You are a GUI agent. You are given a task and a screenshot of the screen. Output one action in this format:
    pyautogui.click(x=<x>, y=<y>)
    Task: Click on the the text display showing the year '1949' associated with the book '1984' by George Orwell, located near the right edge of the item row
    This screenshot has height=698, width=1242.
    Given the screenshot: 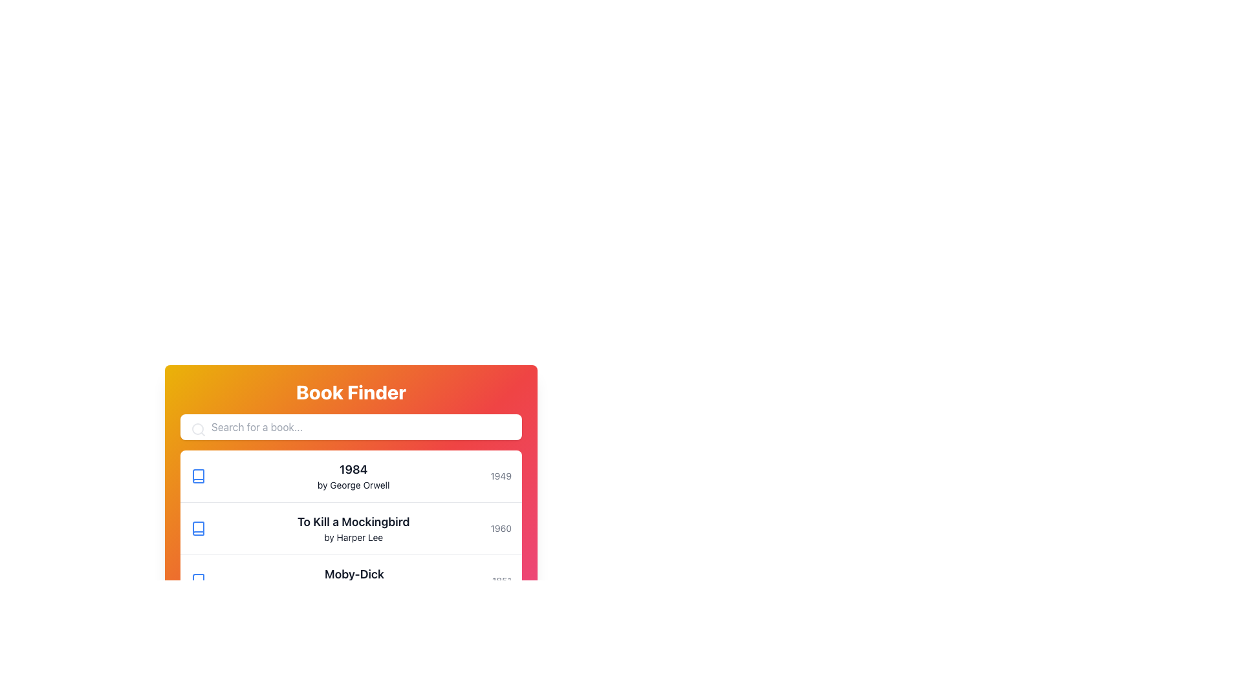 What is the action you would take?
    pyautogui.click(x=500, y=476)
    